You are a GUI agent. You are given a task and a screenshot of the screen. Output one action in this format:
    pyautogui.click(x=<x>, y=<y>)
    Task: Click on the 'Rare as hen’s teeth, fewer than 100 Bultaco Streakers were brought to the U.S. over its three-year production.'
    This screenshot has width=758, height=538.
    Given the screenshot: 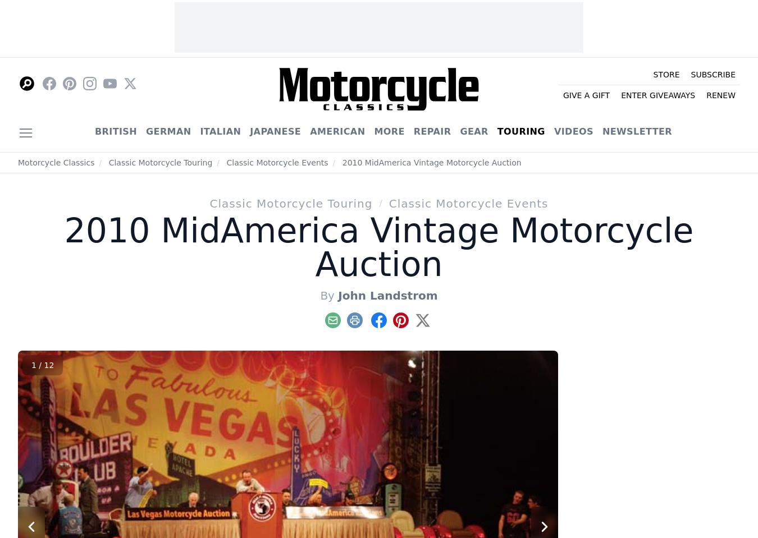 What is the action you would take?
    pyautogui.click(x=619, y=179)
    